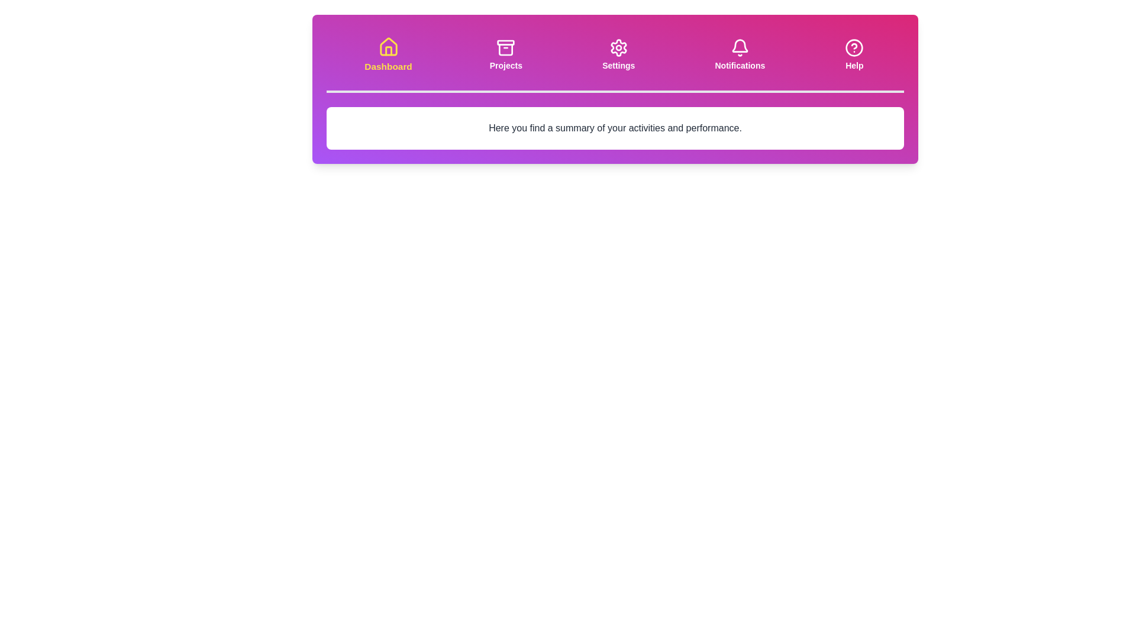 This screenshot has width=1136, height=639. Describe the element at coordinates (505, 54) in the screenshot. I see `the tab titled 'Projects' to observe its icon and title` at that location.